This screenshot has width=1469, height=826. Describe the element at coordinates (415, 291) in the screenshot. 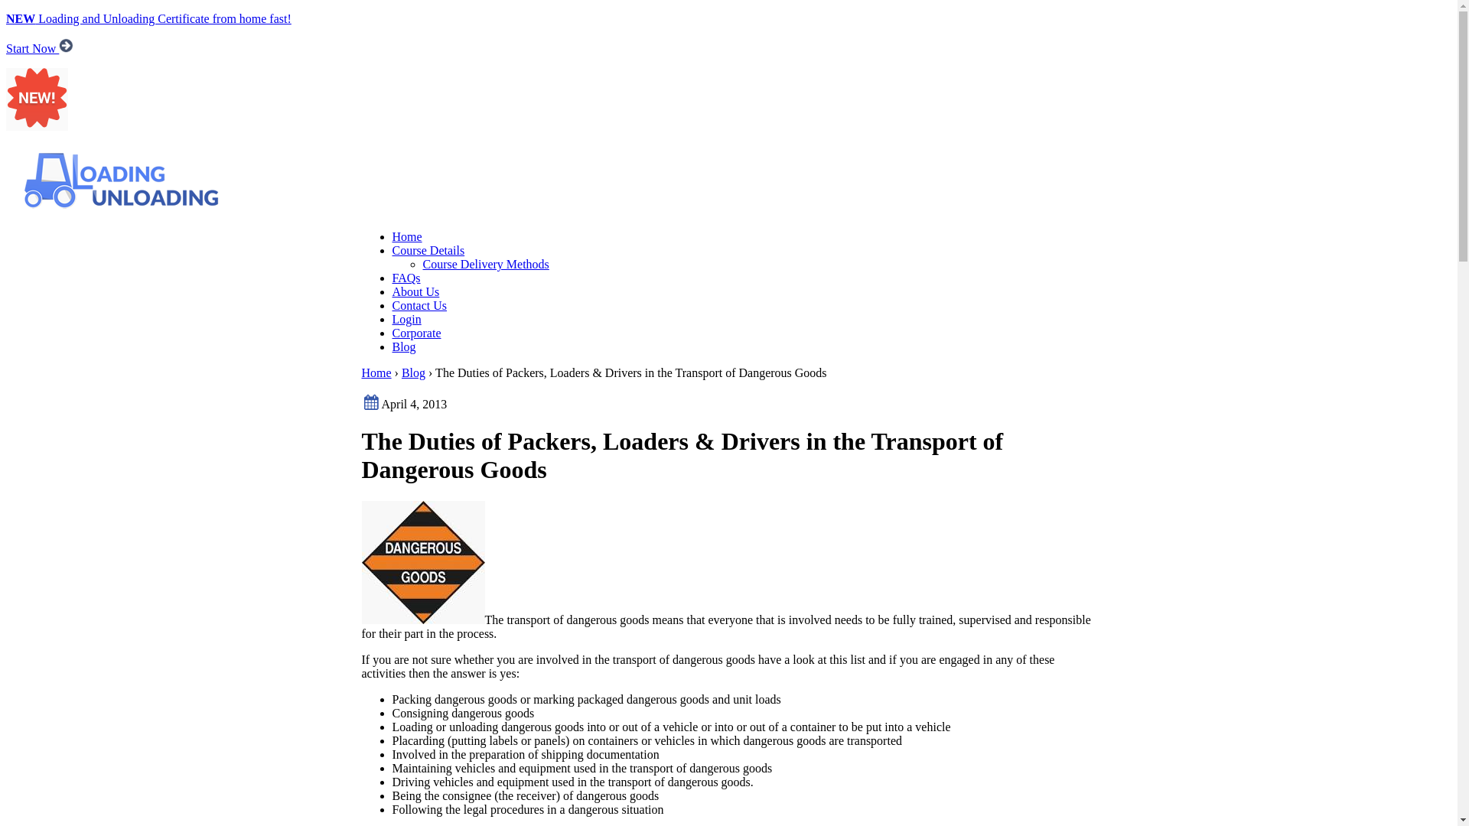

I see `'About Us'` at that location.